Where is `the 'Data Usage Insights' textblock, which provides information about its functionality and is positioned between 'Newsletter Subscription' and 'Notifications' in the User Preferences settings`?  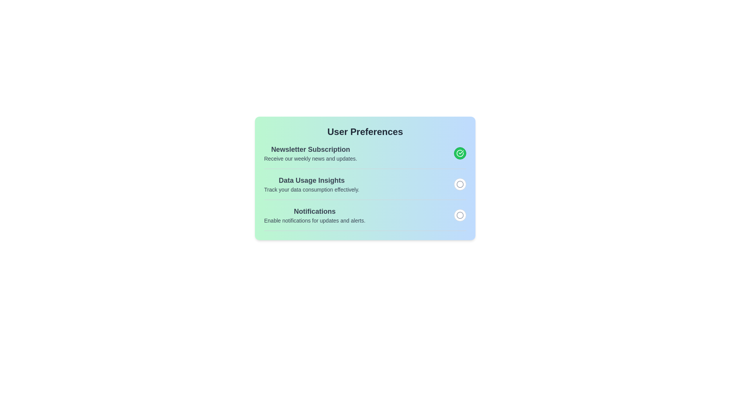
the 'Data Usage Insights' textblock, which provides information about its functionality and is positioned between 'Newsletter Subscription' and 'Notifications' in the User Preferences settings is located at coordinates (365, 184).